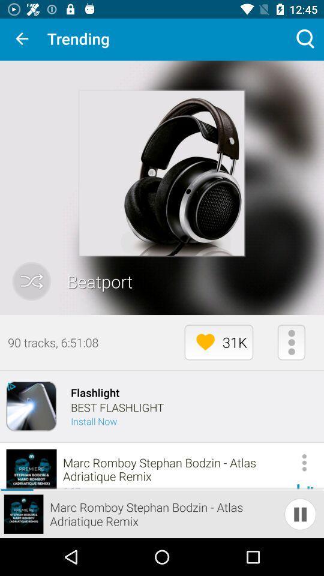 This screenshot has width=324, height=576. What do you see at coordinates (290, 342) in the screenshot?
I see `the more icon` at bounding box center [290, 342].